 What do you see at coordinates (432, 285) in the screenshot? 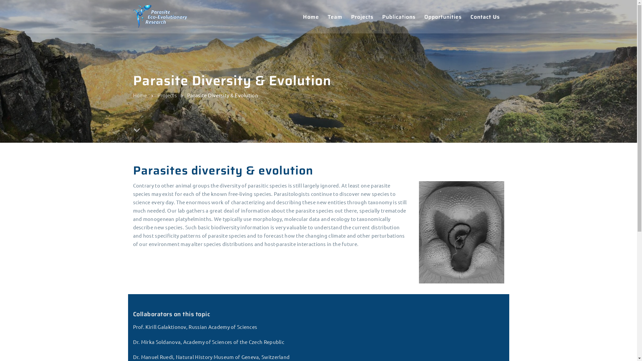
I see `'route de Malagnou 1` at bounding box center [432, 285].